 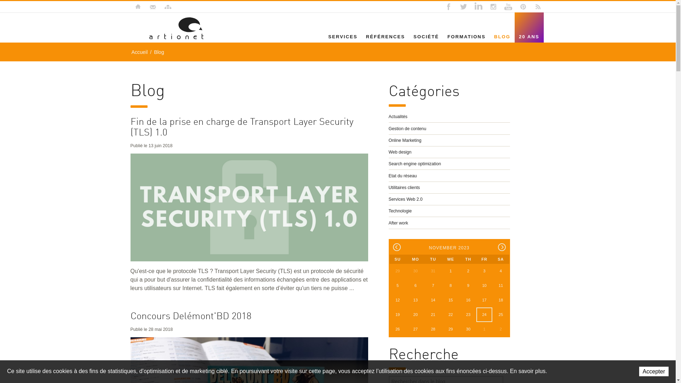 I want to click on 'Search engine optimization', so click(x=449, y=164).